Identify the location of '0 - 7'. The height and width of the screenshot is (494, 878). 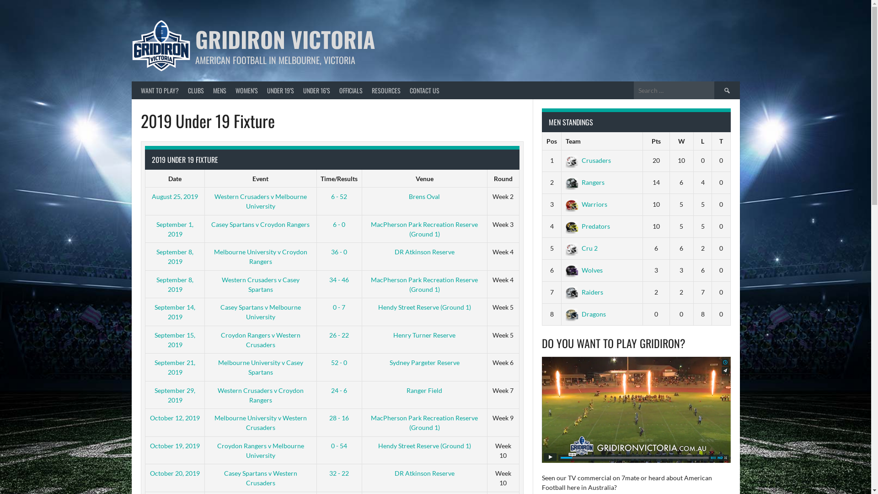
(338, 307).